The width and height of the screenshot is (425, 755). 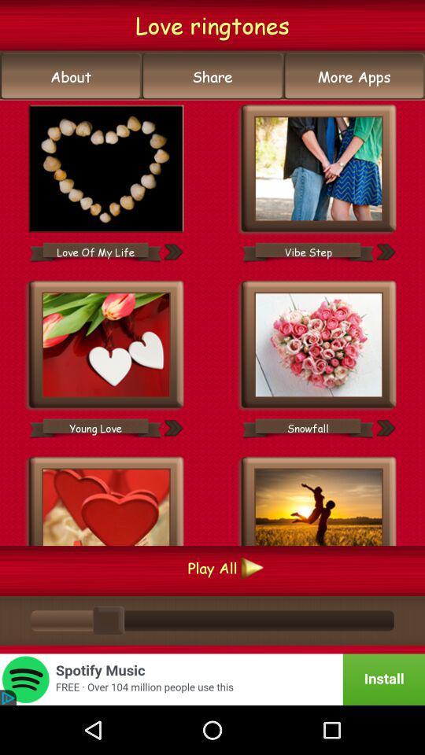 I want to click on icon to the left of the more apps item, so click(x=213, y=76).